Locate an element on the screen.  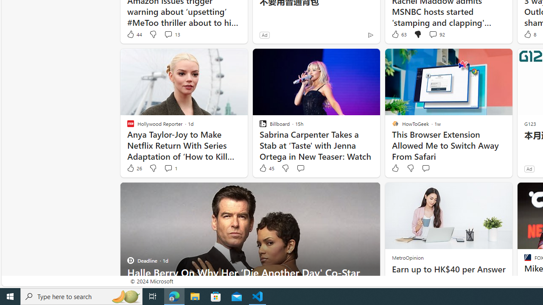
'View comments 92 Comment' is located at coordinates (433, 34).